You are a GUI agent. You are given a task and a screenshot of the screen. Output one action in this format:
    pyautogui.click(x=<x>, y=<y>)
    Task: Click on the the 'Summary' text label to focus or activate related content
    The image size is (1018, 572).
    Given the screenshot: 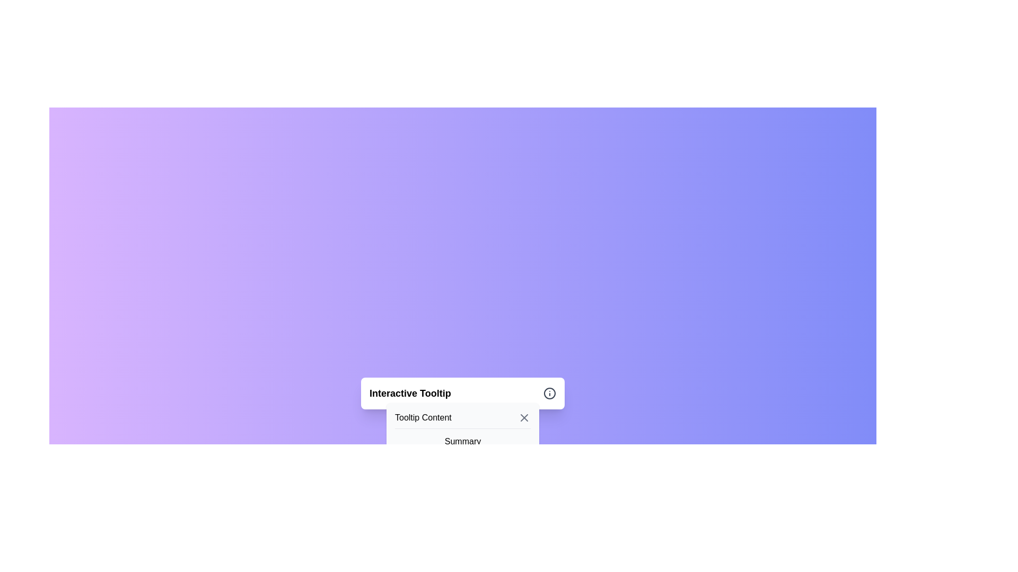 What is the action you would take?
    pyautogui.click(x=463, y=448)
    